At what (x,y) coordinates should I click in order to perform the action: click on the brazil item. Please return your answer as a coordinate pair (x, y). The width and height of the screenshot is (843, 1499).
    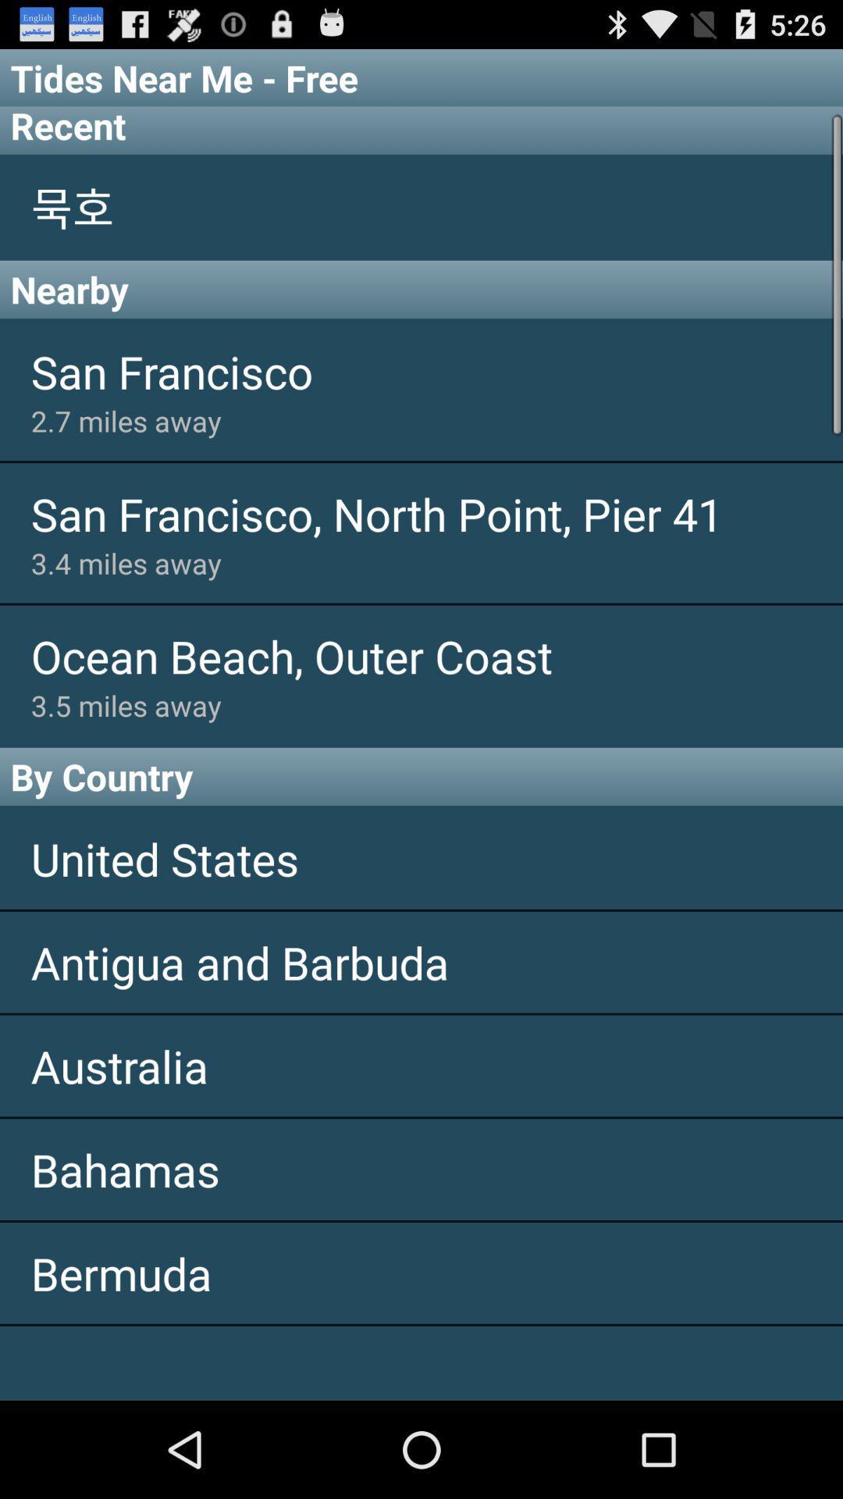
    Looking at the image, I should click on (421, 1362).